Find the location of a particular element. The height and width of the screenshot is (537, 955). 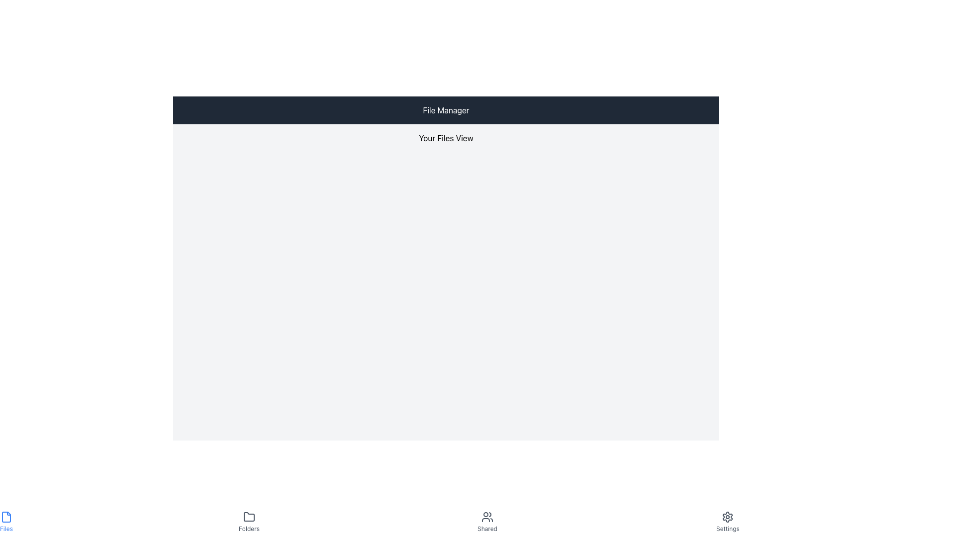

the gear-shaped icon in the 'Settings' navigation bar is located at coordinates (728, 517).